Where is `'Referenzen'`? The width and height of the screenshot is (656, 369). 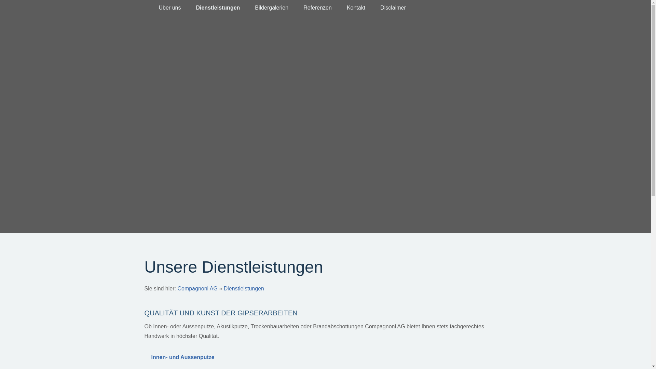
'Referenzen' is located at coordinates (317, 8).